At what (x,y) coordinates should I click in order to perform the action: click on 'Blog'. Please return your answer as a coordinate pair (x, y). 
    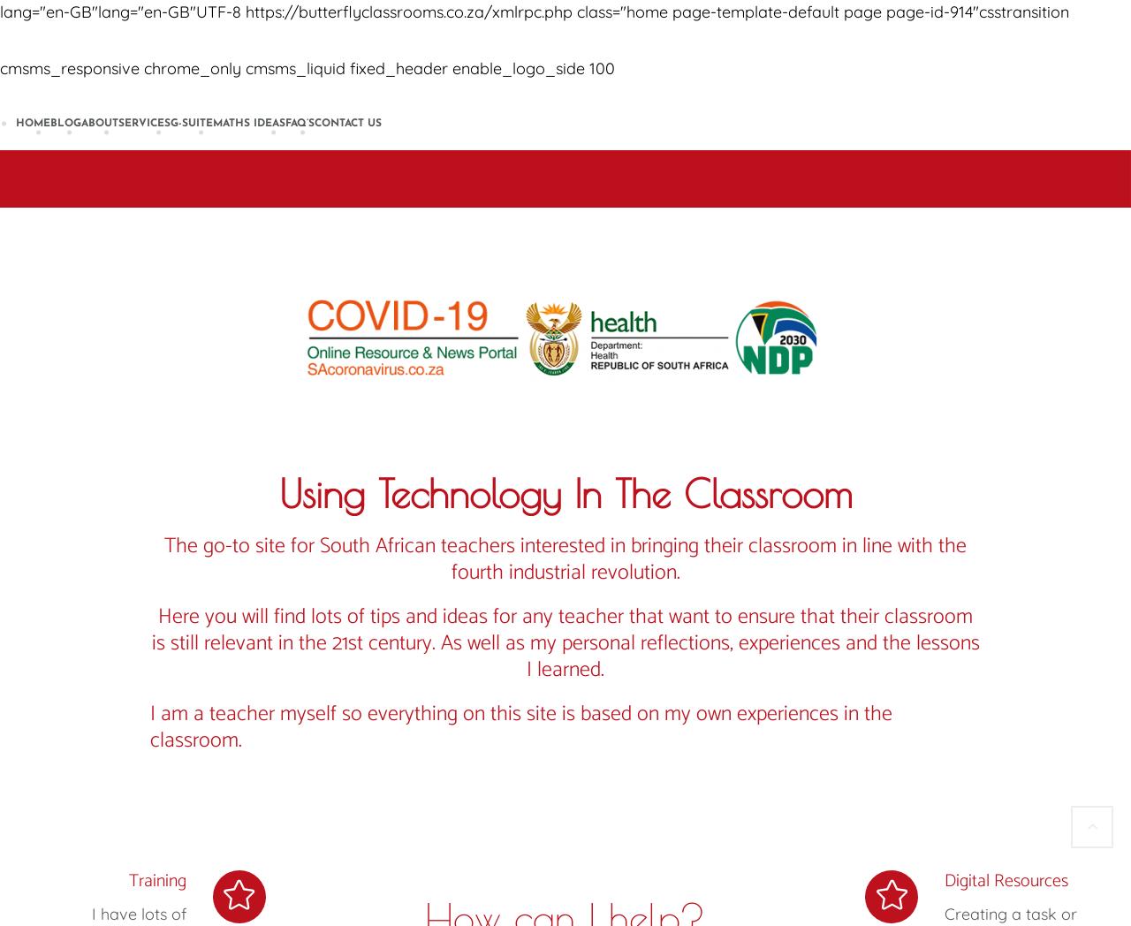
    Looking at the image, I should click on (65, 124).